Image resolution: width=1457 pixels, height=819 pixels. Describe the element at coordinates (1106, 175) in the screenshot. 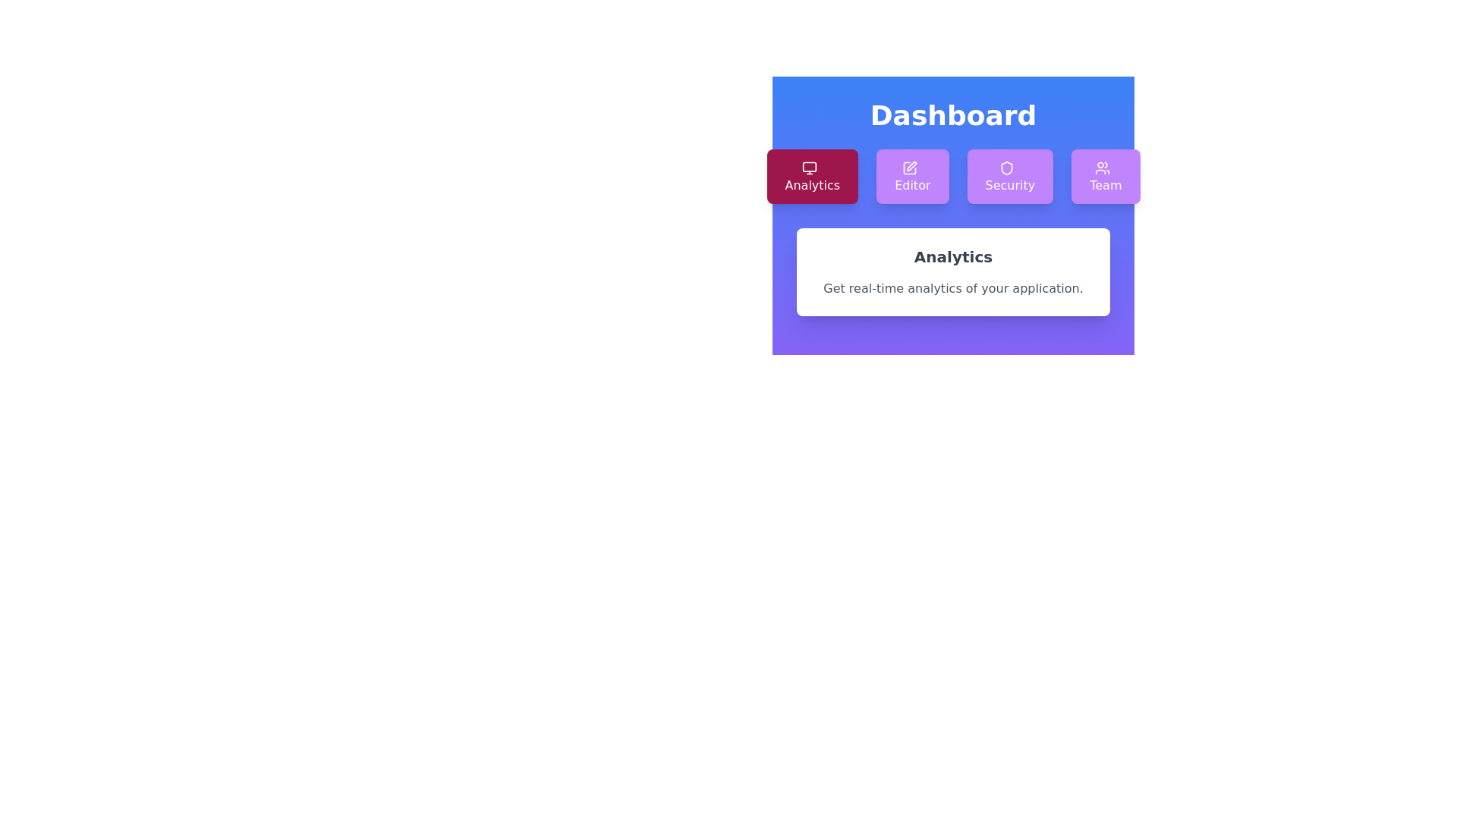

I see `the Team tab` at that location.